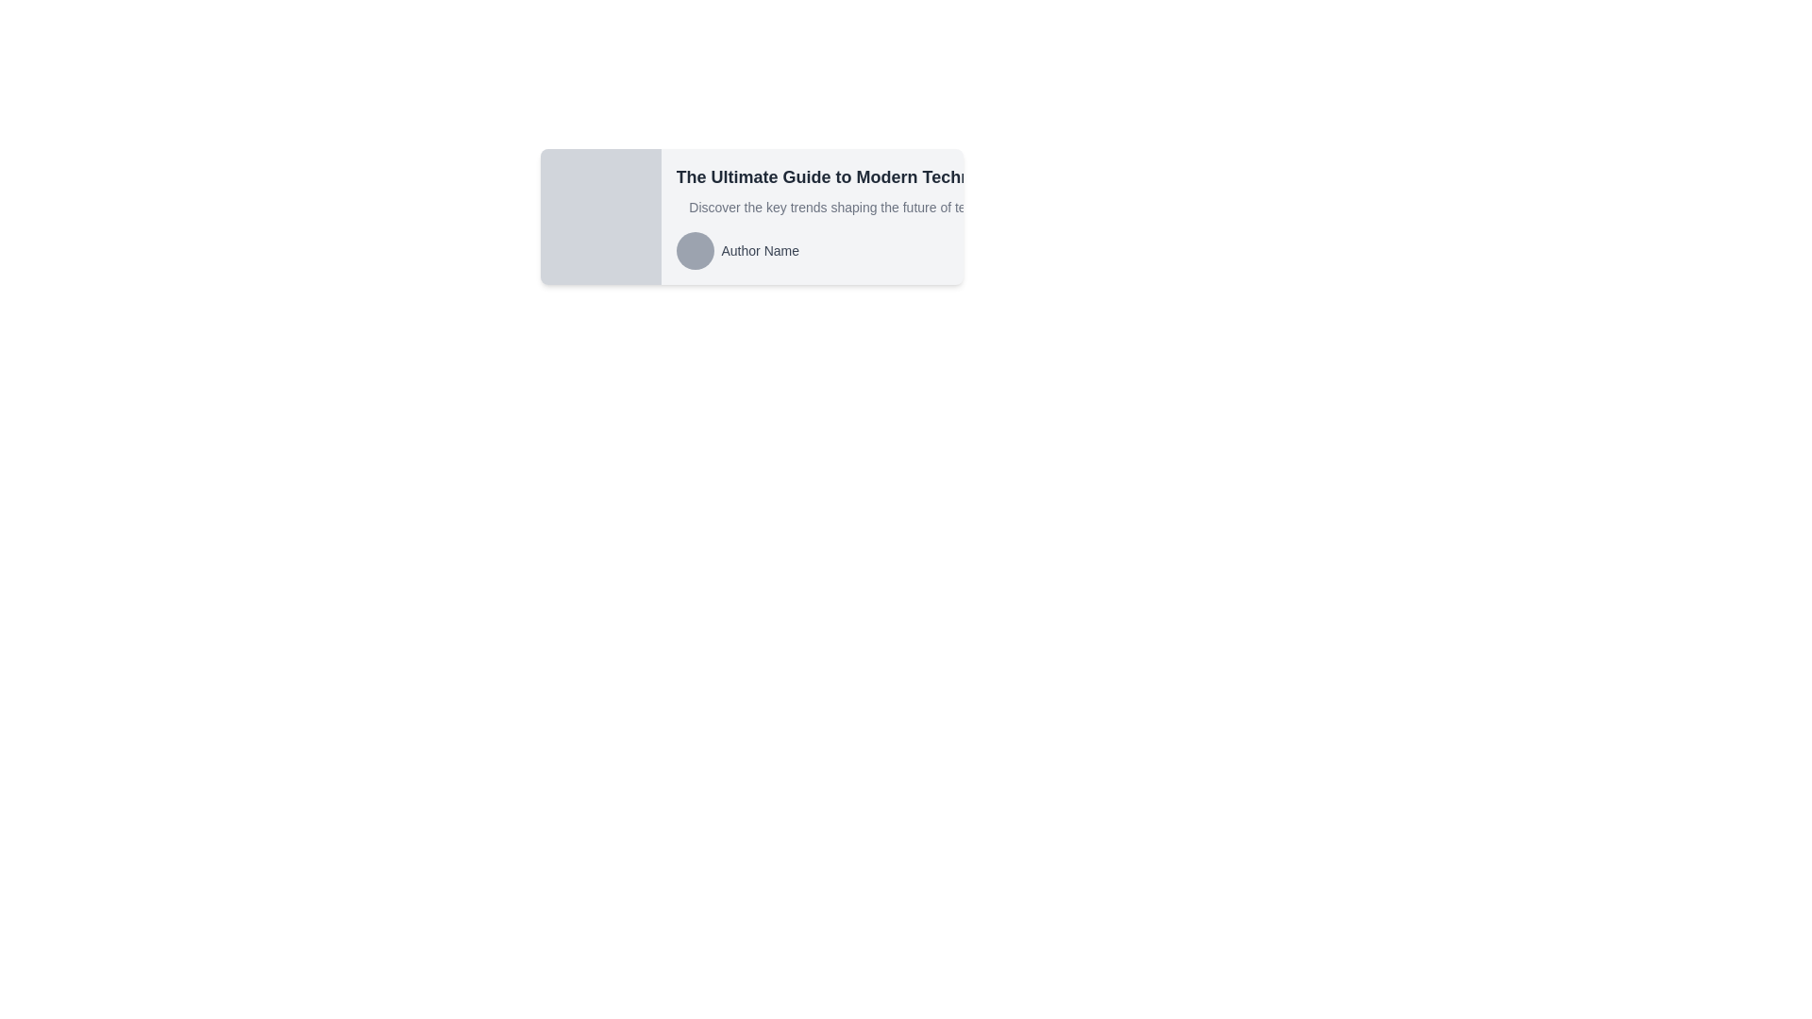 This screenshot has height=1019, width=1812. What do you see at coordinates (760, 250) in the screenshot?
I see `text content from the label displaying 'Author Name', which is styled with dark gray text and located to the right of a circular gray avatar` at bounding box center [760, 250].